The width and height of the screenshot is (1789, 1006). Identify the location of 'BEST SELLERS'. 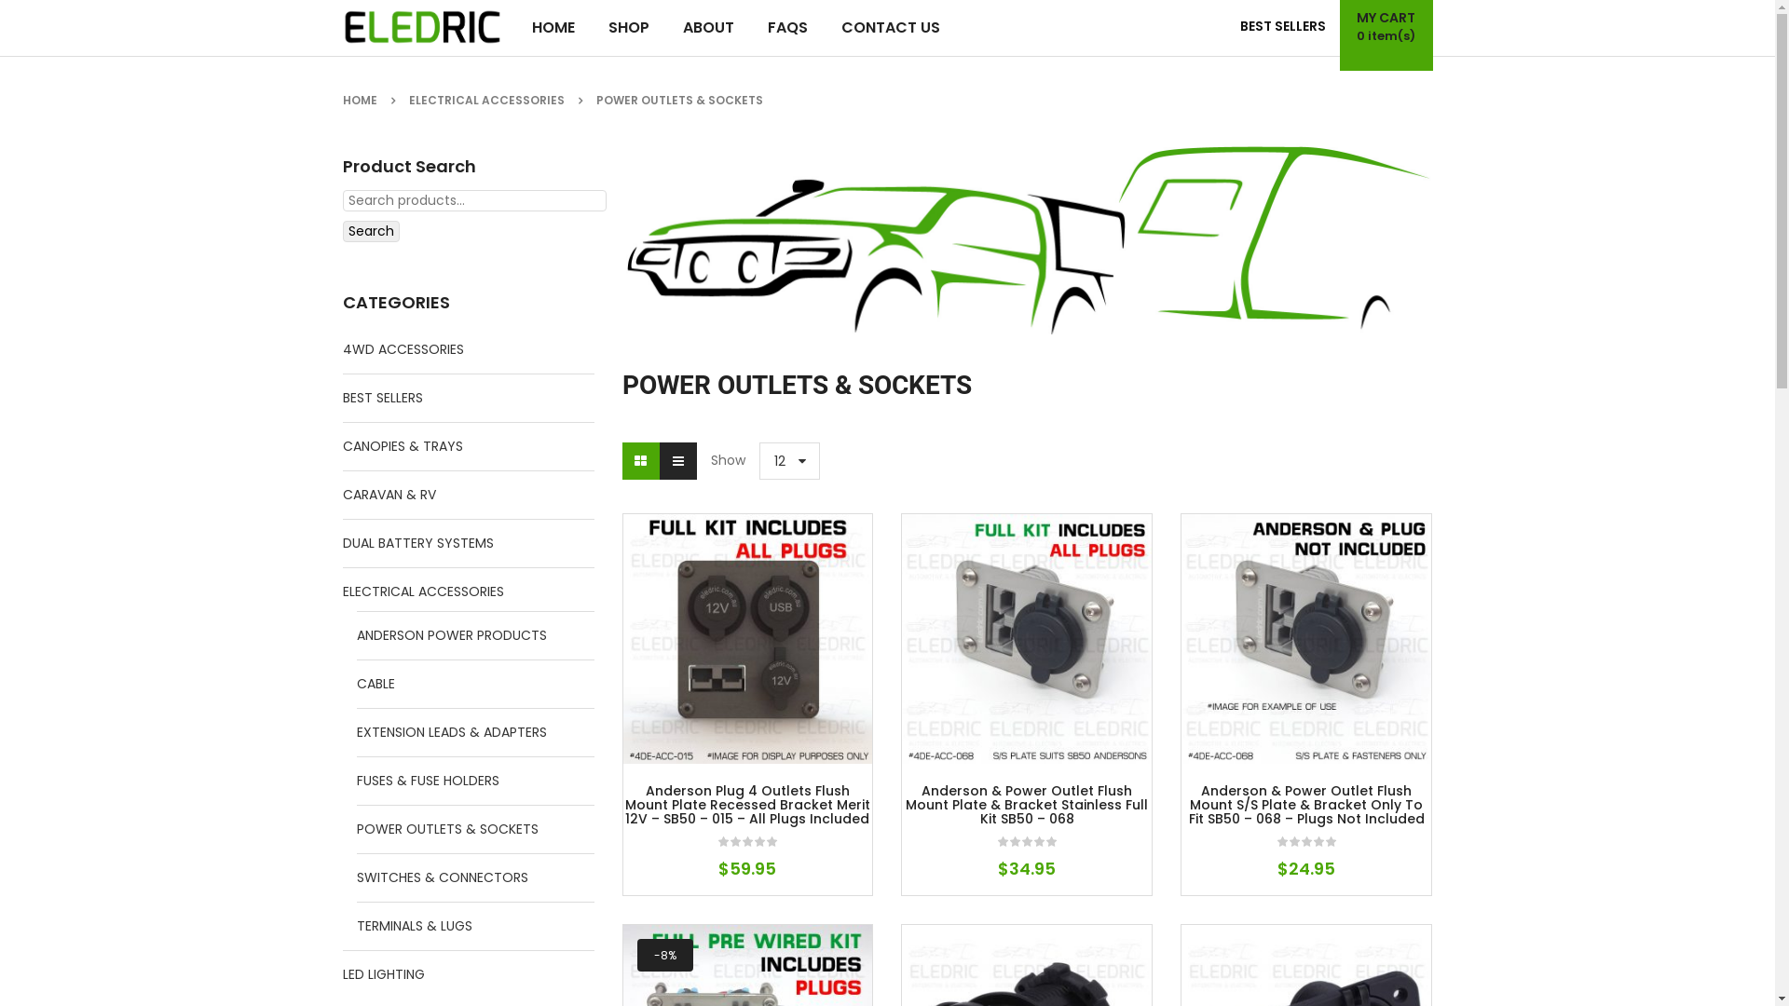
(1282, 26).